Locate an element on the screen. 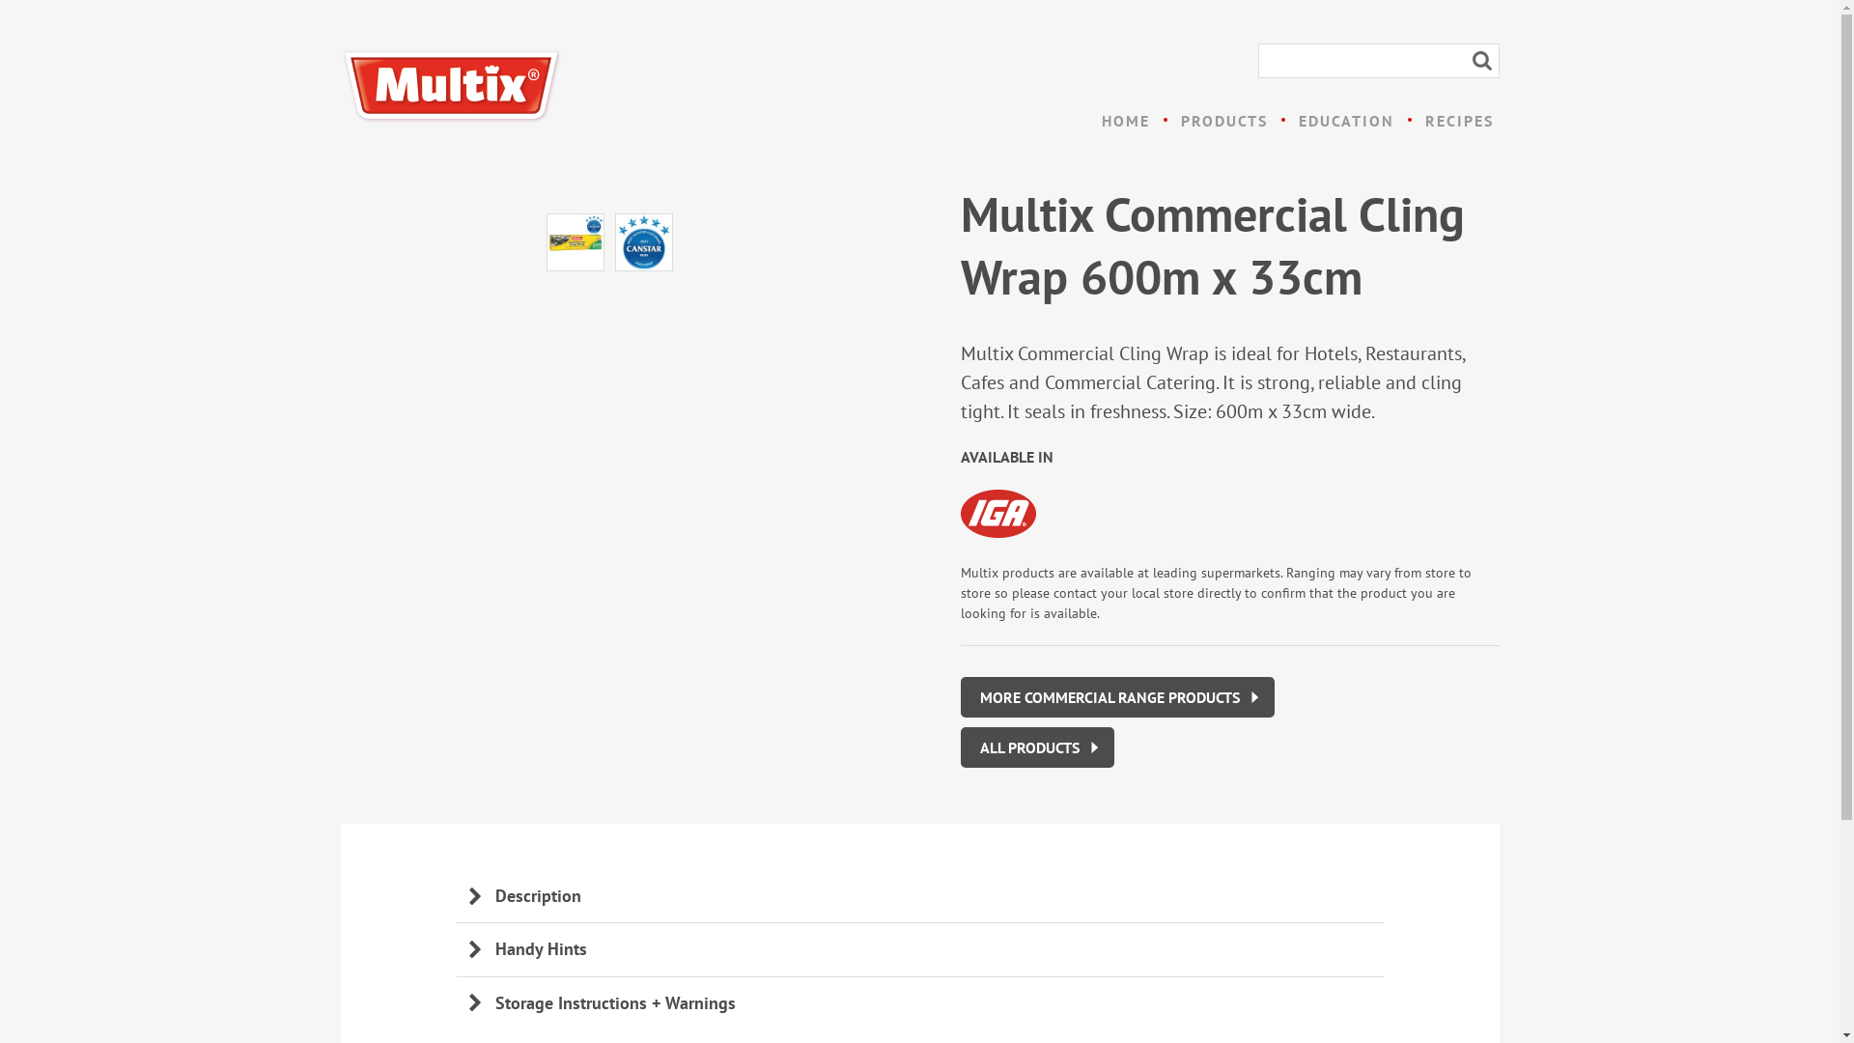 This screenshot has width=1854, height=1043. 'RECIPES' is located at coordinates (1459, 120).